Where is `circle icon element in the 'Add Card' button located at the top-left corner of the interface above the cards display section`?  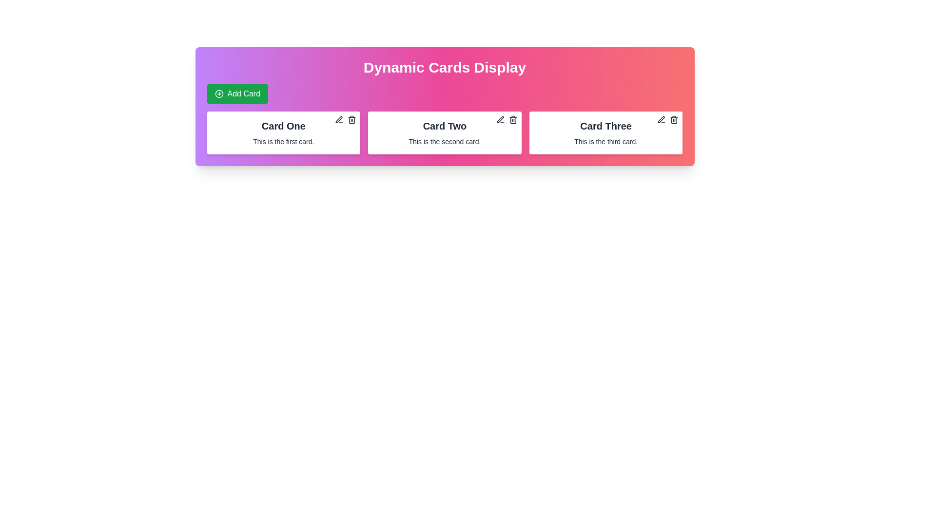
circle icon element in the 'Add Card' button located at the top-left corner of the interface above the cards display section is located at coordinates (218, 94).